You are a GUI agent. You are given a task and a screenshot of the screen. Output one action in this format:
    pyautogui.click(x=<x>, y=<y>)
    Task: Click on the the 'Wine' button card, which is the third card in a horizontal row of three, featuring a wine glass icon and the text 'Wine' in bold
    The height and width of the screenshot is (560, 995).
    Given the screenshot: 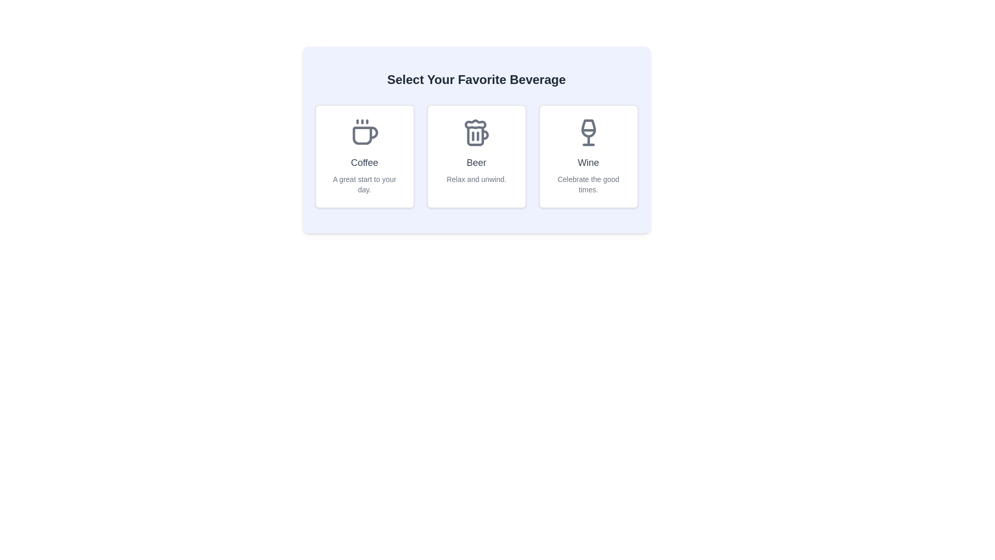 What is the action you would take?
    pyautogui.click(x=588, y=156)
    